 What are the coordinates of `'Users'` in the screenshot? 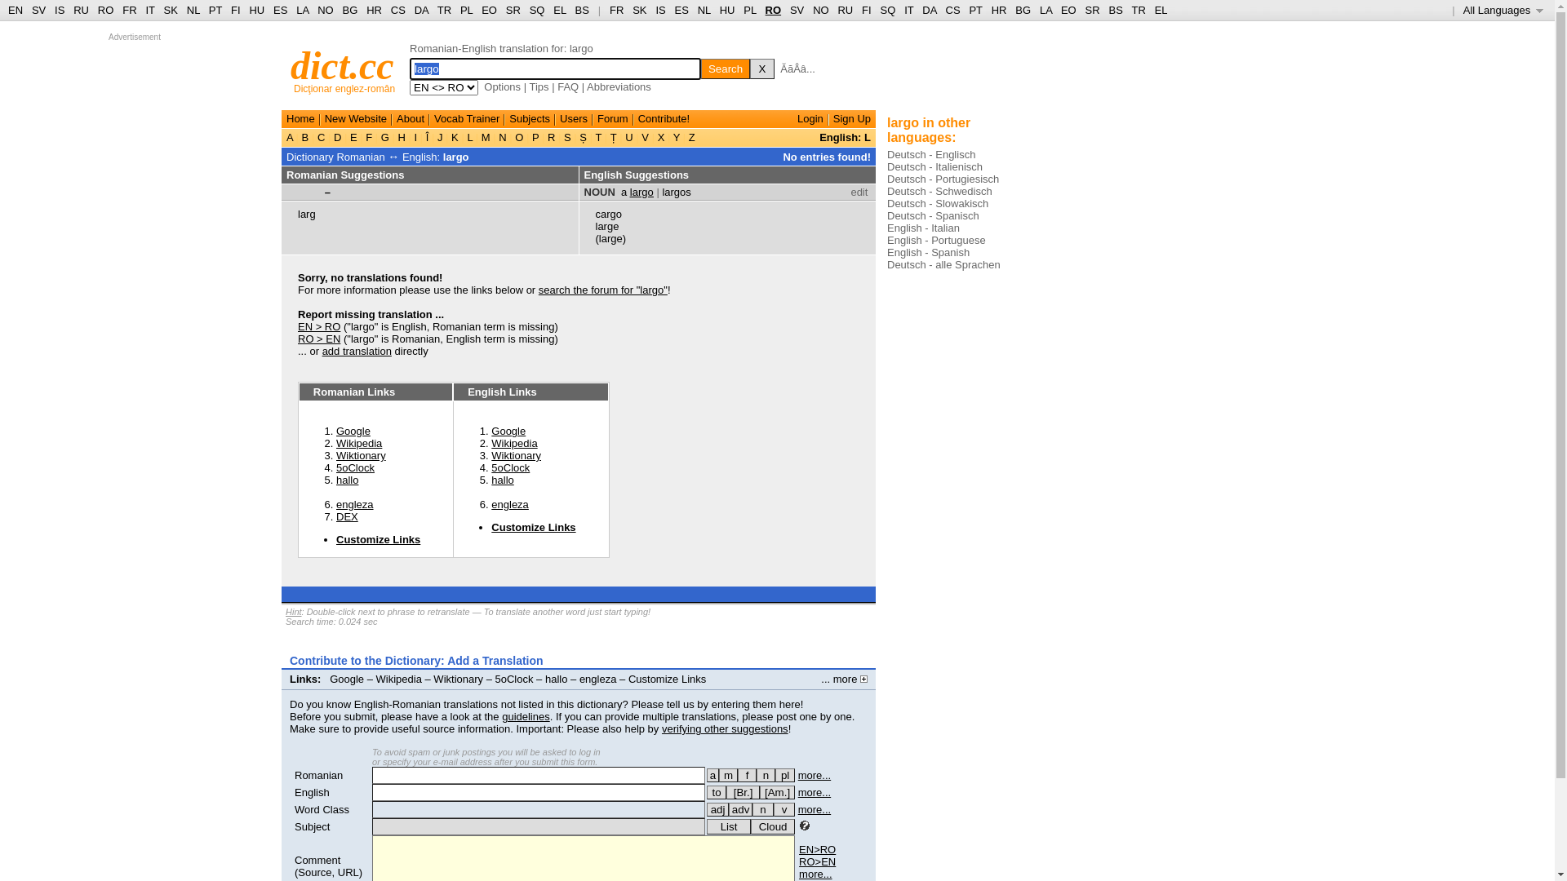 It's located at (560, 117).